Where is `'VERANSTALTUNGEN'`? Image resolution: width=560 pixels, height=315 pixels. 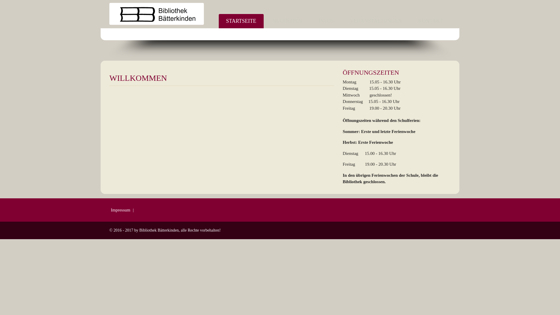 'VERANSTALTUNGEN' is located at coordinates (376, 21).